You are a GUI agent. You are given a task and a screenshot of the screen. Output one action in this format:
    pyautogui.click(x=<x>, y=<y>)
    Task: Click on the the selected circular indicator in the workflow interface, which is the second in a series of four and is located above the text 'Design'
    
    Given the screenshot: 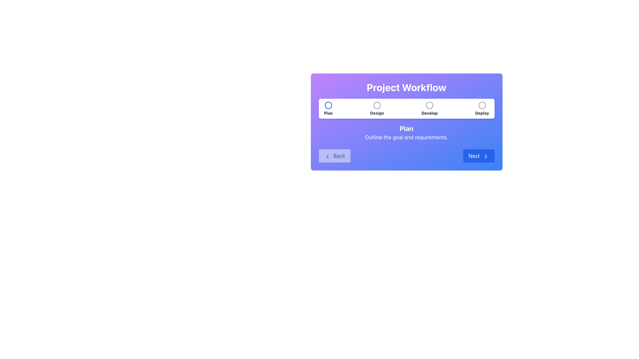 What is the action you would take?
    pyautogui.click(x=377, y=105)
    